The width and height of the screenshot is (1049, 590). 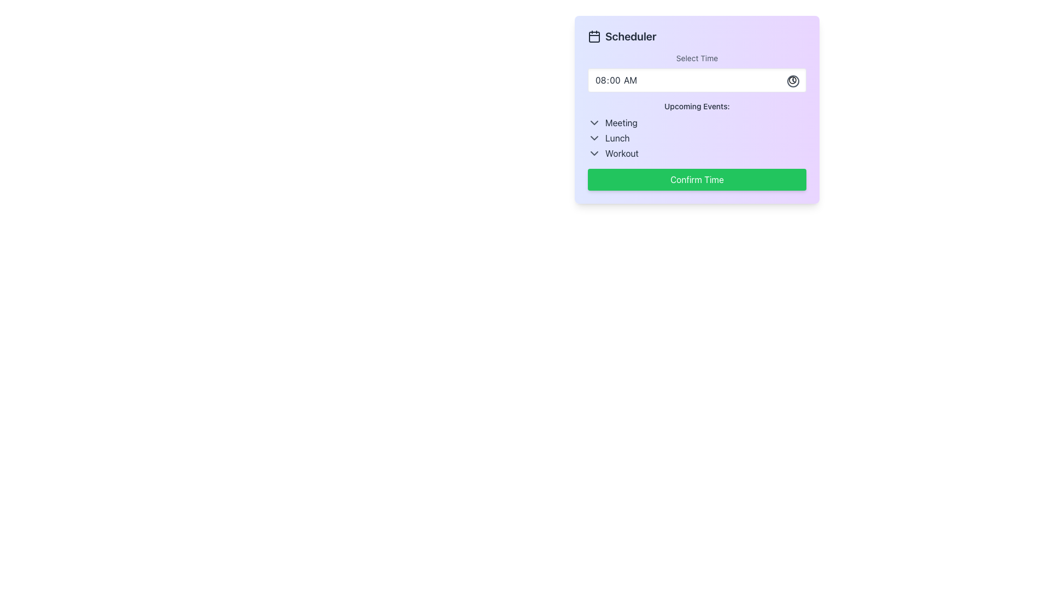 I want to click on the SVG rectangle element within the calendar icon, which is located to the immediate left of the 'Scheduler' text in the header section of the interface, so click(x=594, y=37).